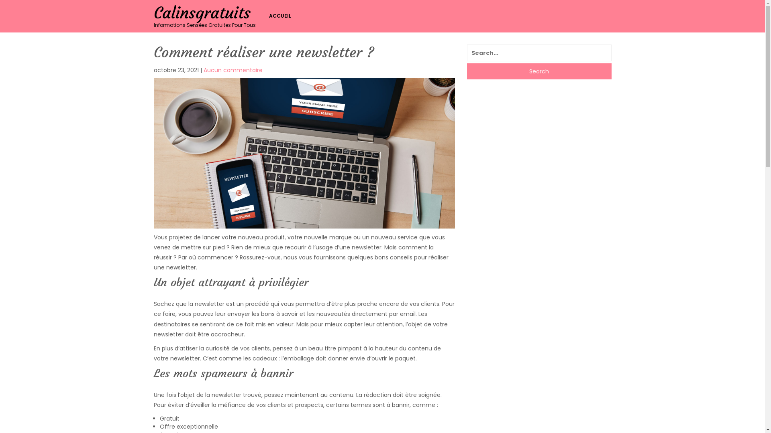  What do you see at coordinates (282, 16) in the screenshot?
I see `'ACCUEIL'` at bounding box center [282, 16].